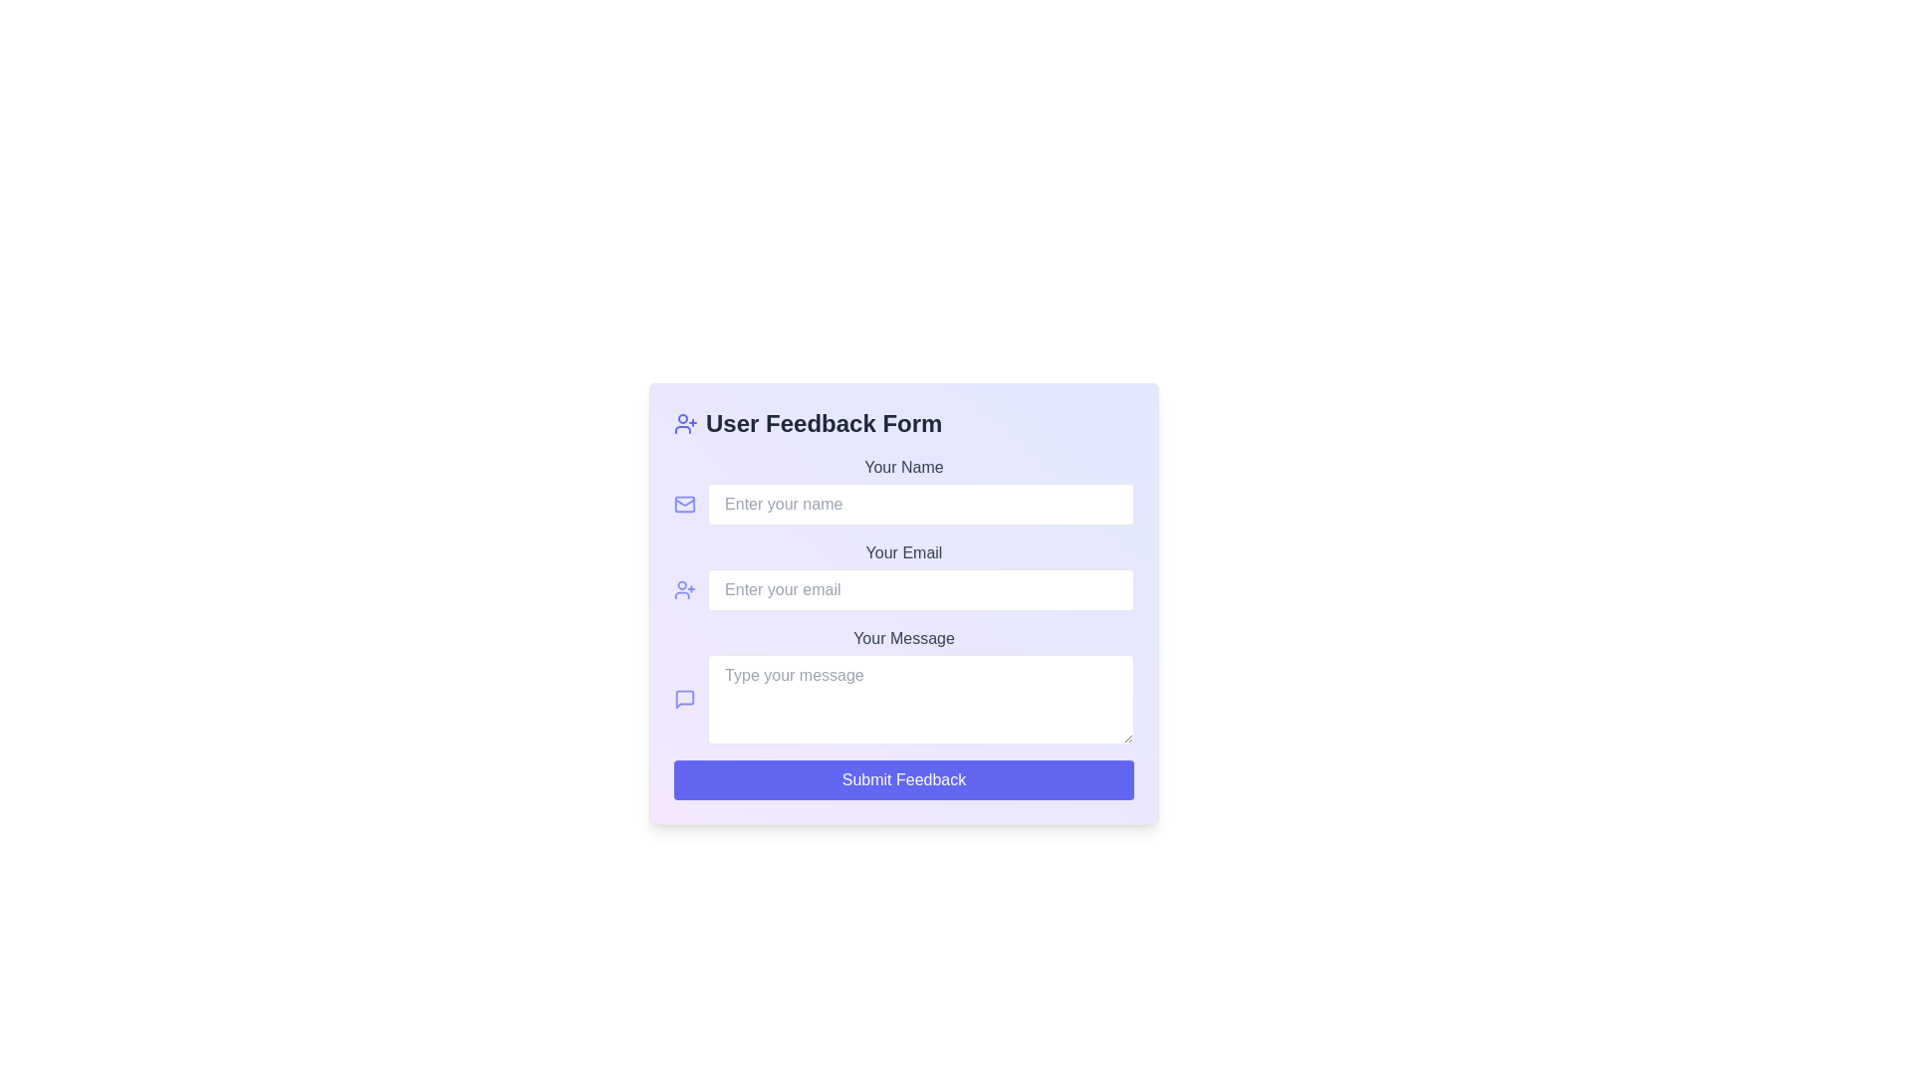  I want to click on the Text heading or label that serves as the title for the feedback section, located near the top of the 'User Feedback' section and positioned to the right of a user-plus icon, so click(824, 422).